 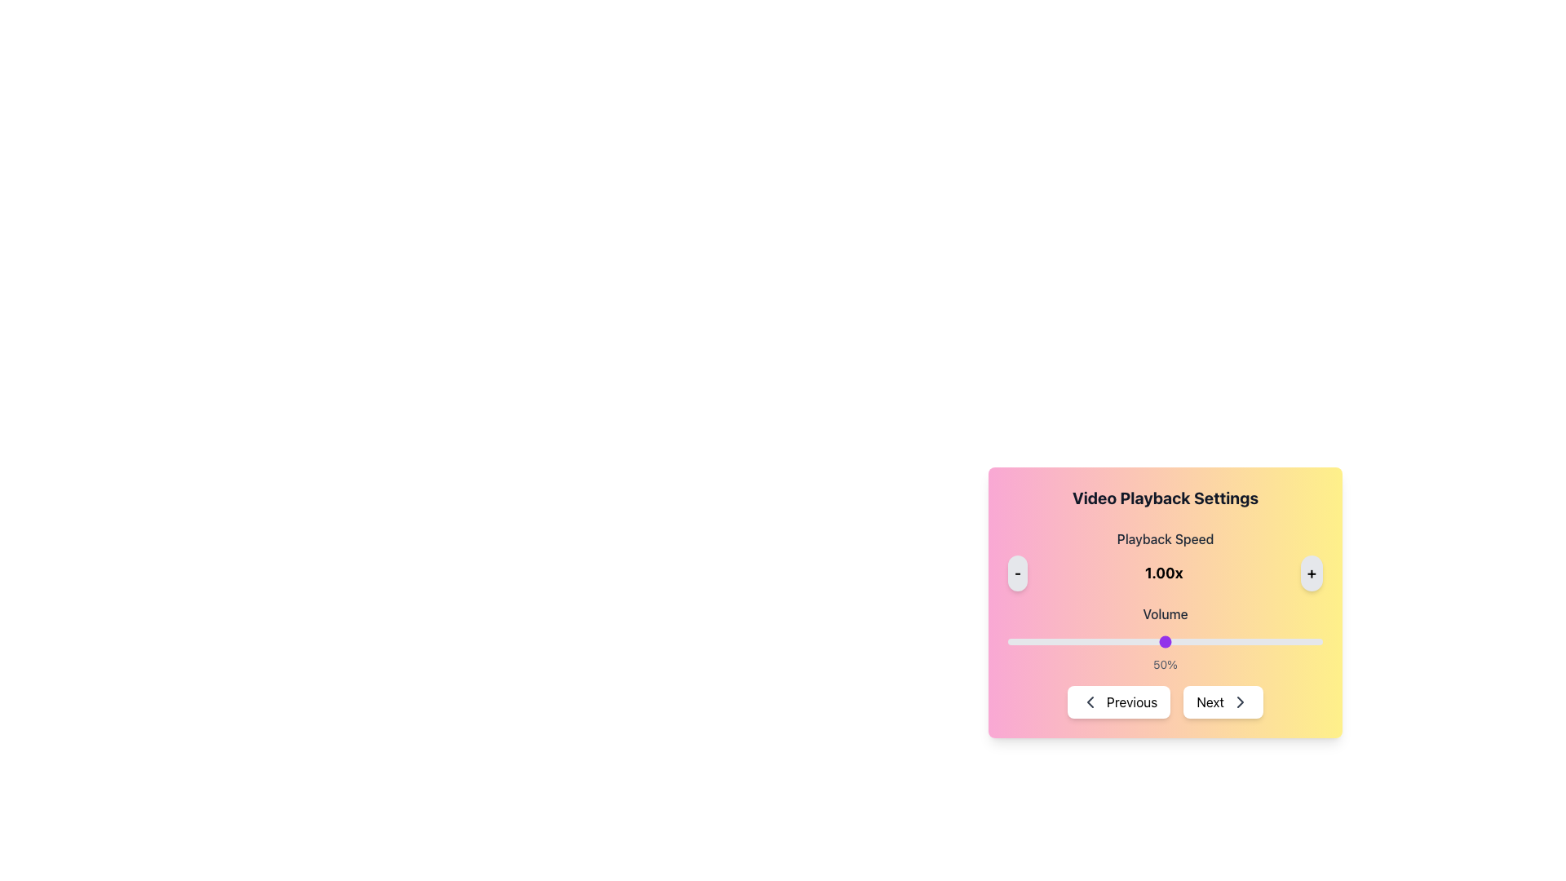 What do you see at coordinates (1017, 572) in the screenshot?
I see `the small circular decrement button with a '-' symbol located to the left of the numeric value display labeled '1.00x' in the 'Playback Speed' section` at bounding box center [1017, 572].